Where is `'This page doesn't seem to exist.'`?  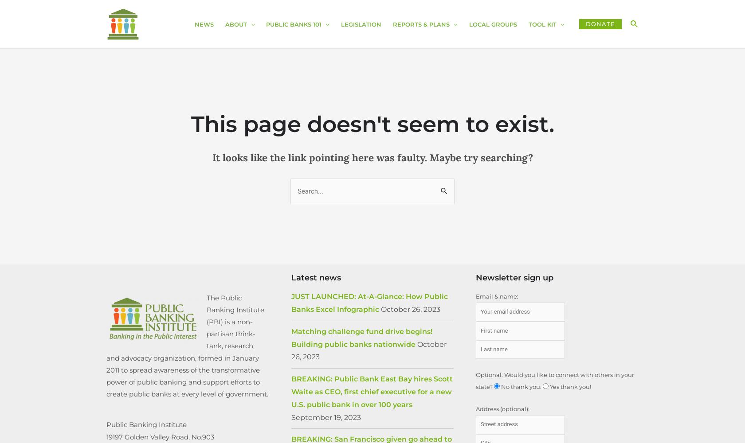
'This page doesn't seem to exist.' is located at coordinates (372, 124).